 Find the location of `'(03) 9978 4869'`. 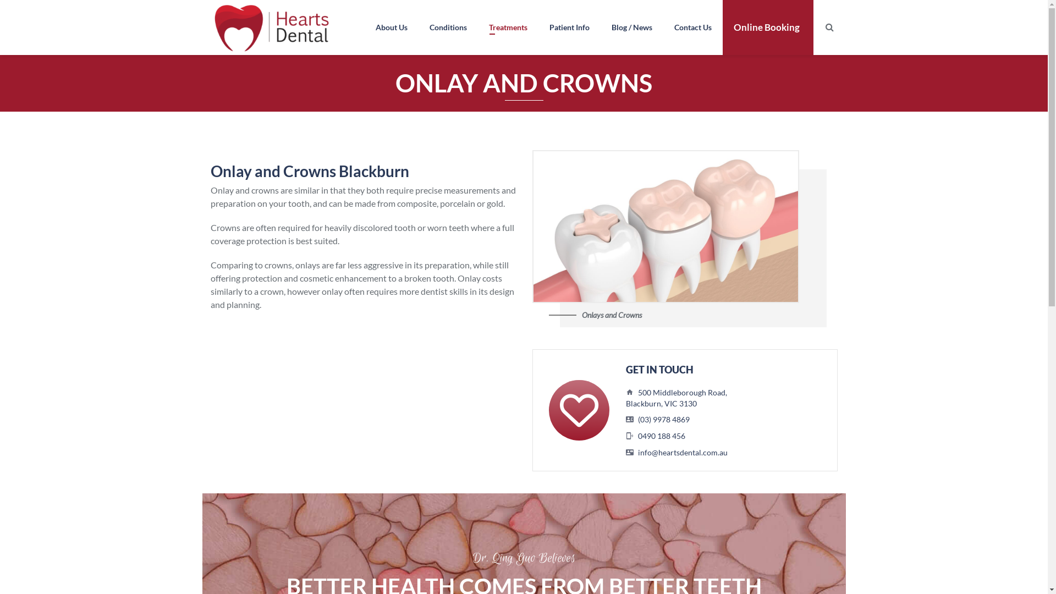

'(03) 9978 4869' is located at coordinates (663, 419).